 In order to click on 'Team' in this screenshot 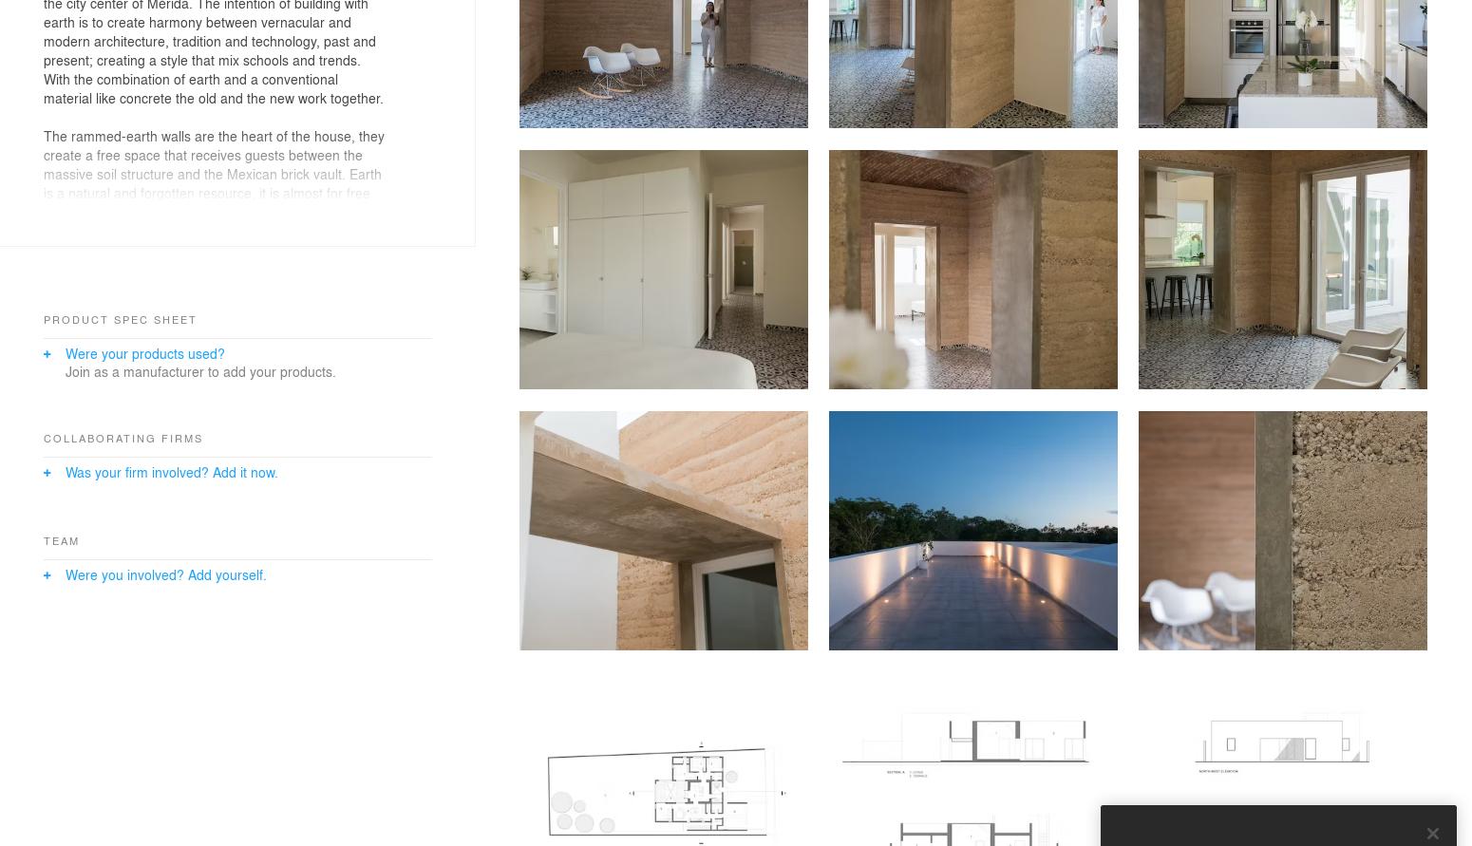, I will do `click(60, 539)`.